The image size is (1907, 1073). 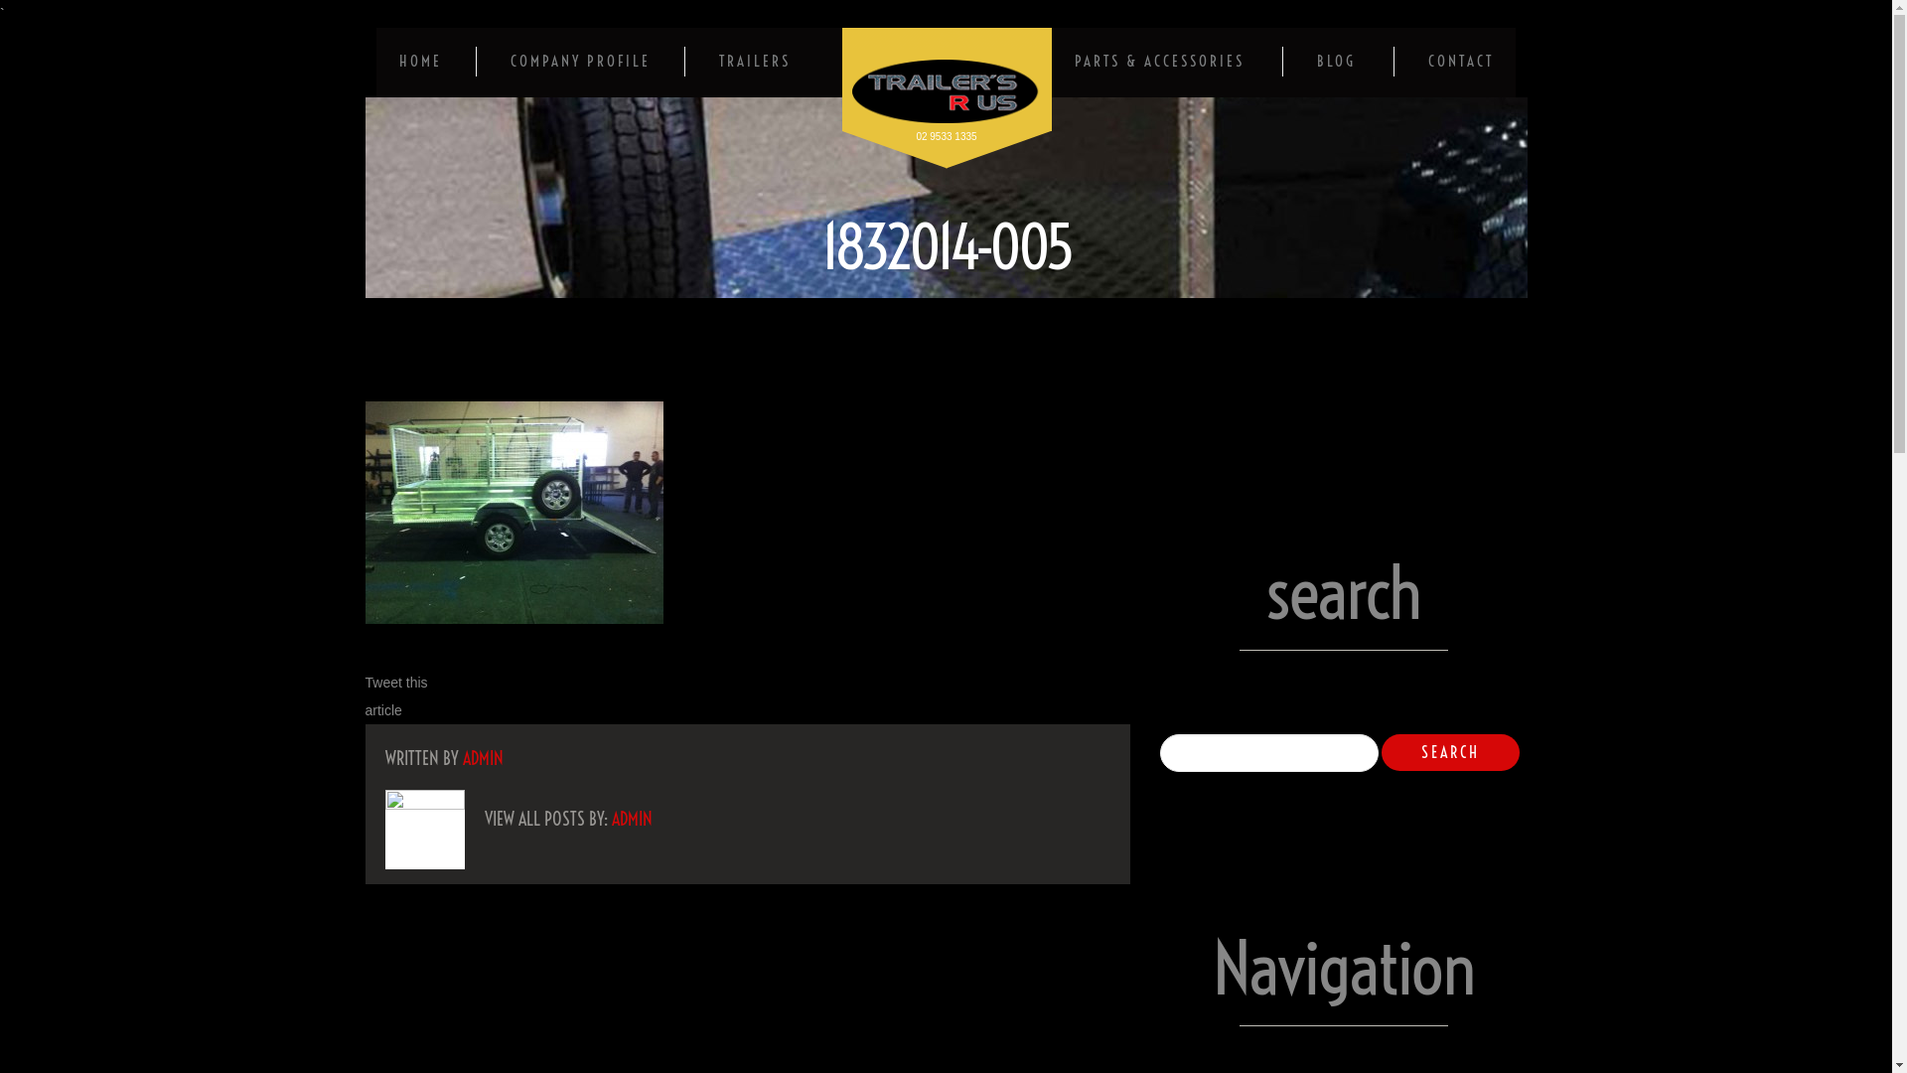 I want to click on 'BLOG', so click(x=1336, y=60).